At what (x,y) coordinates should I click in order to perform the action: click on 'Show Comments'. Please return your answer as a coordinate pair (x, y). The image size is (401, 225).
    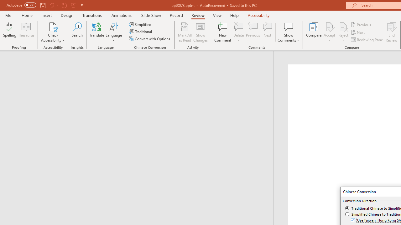
    Looking at the image, I should click on (288, 26).